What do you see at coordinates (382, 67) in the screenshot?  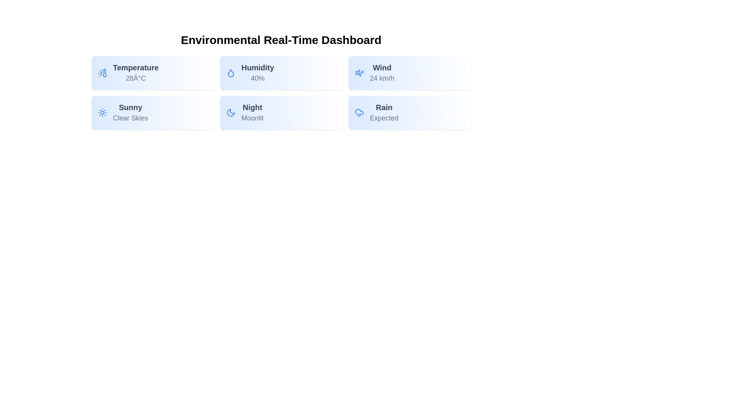 I see `the static text label indicating wind speed in the top-right card of the environmental dashboard` at bounding box center [382, 67].